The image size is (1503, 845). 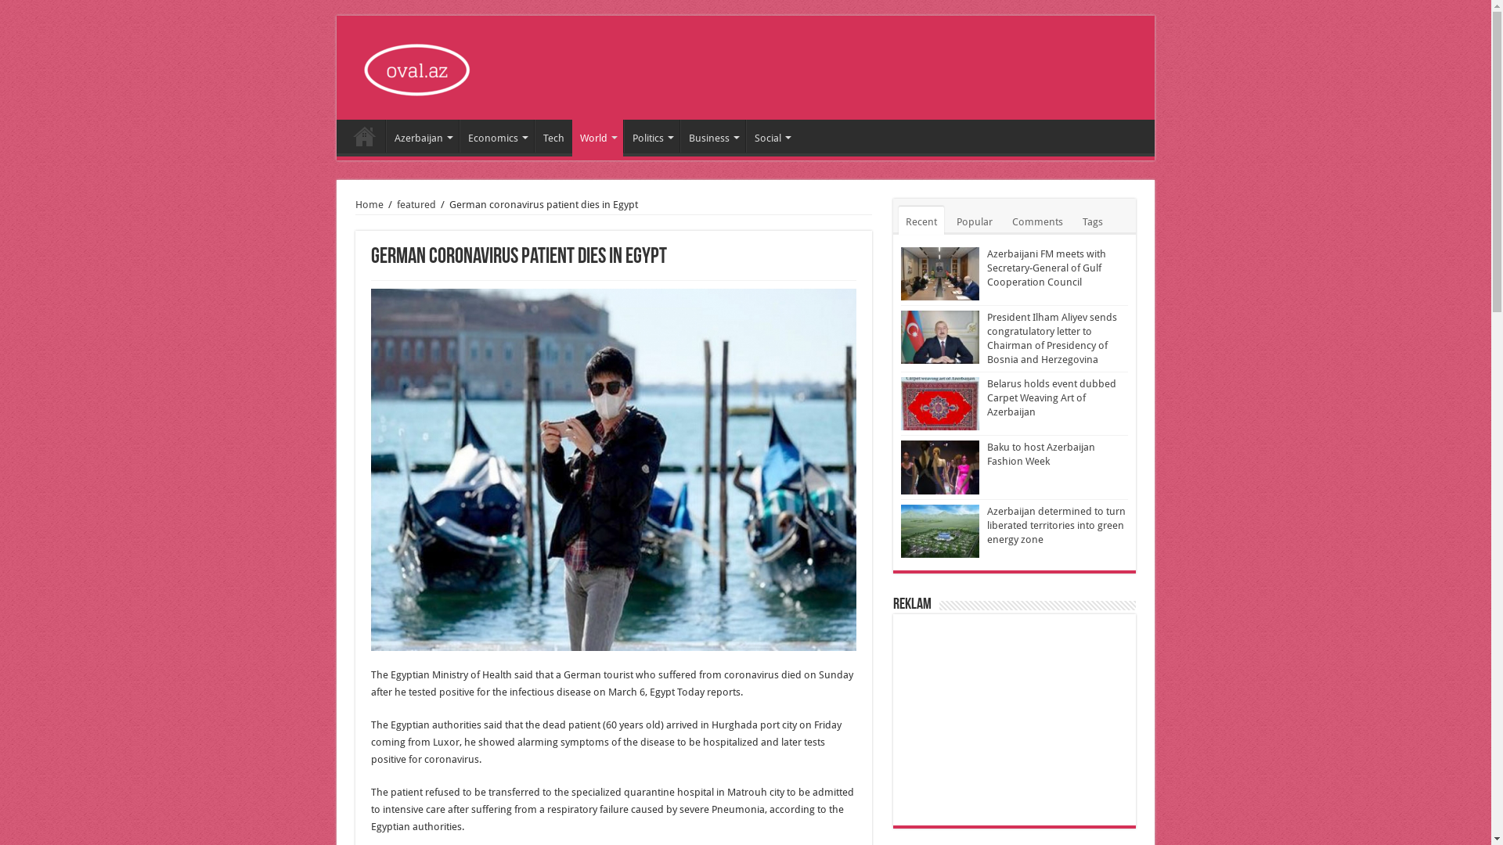 What do you see at coordinates (363, 135) in the screenshot?
I see `'Home'` at bounding box center [363, 135].